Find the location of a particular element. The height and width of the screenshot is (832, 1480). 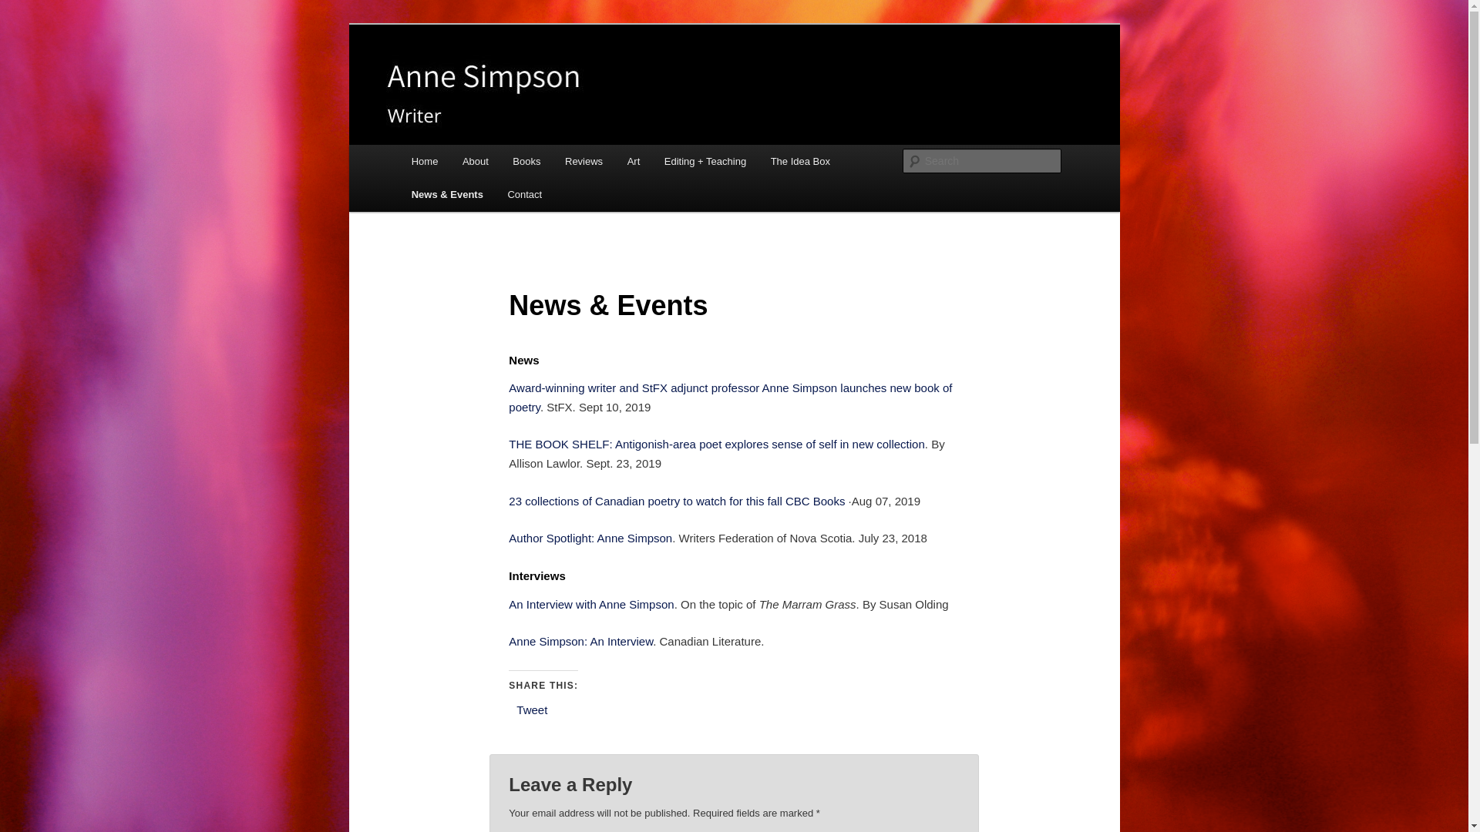

'Tweet' is located at coordinates (532, 710).